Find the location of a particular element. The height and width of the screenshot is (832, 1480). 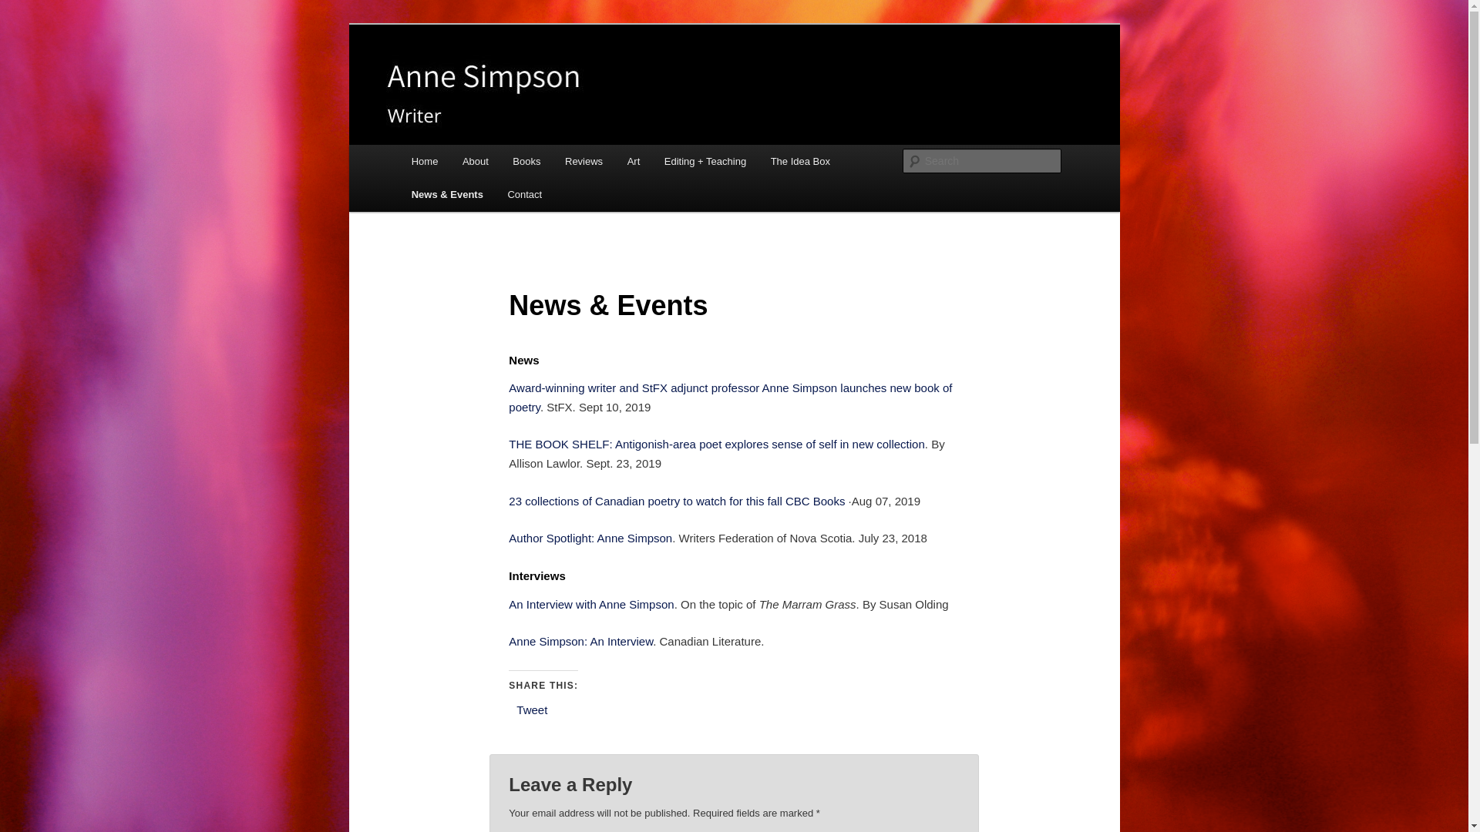

'Tweet' is located at coordinates (532, 710).